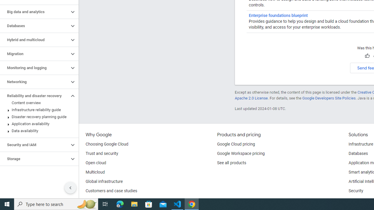  I want to click on 'Storage', so click(34, 159).